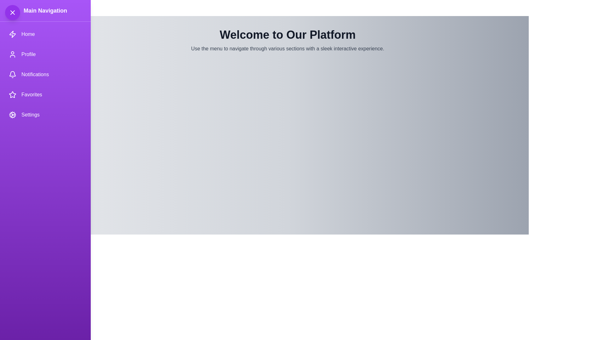 The height and width of the screenshot is (340, 605). What do you see at coordinates (45, 94) in the screenshot?
I see `the navigation item Favorites to trigger its action` at bounding box center [45, 94].